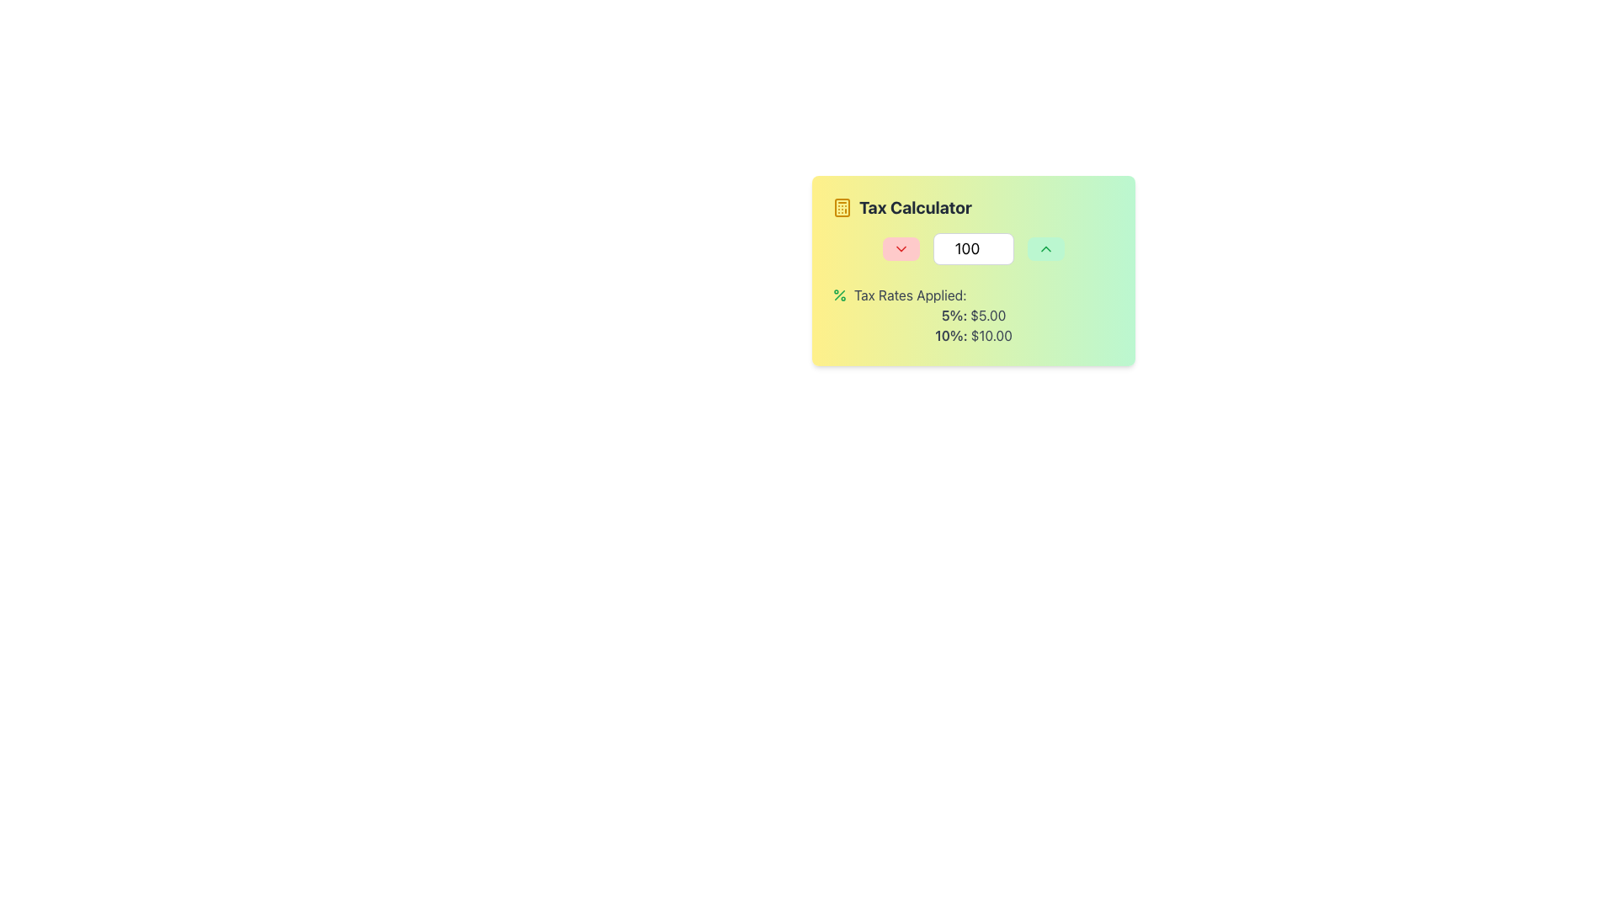  Describe the element at coordinates (1045, 249) in the screenshot. I see `the increment button icon located on the upper-right side of the calculator interface` at that location.